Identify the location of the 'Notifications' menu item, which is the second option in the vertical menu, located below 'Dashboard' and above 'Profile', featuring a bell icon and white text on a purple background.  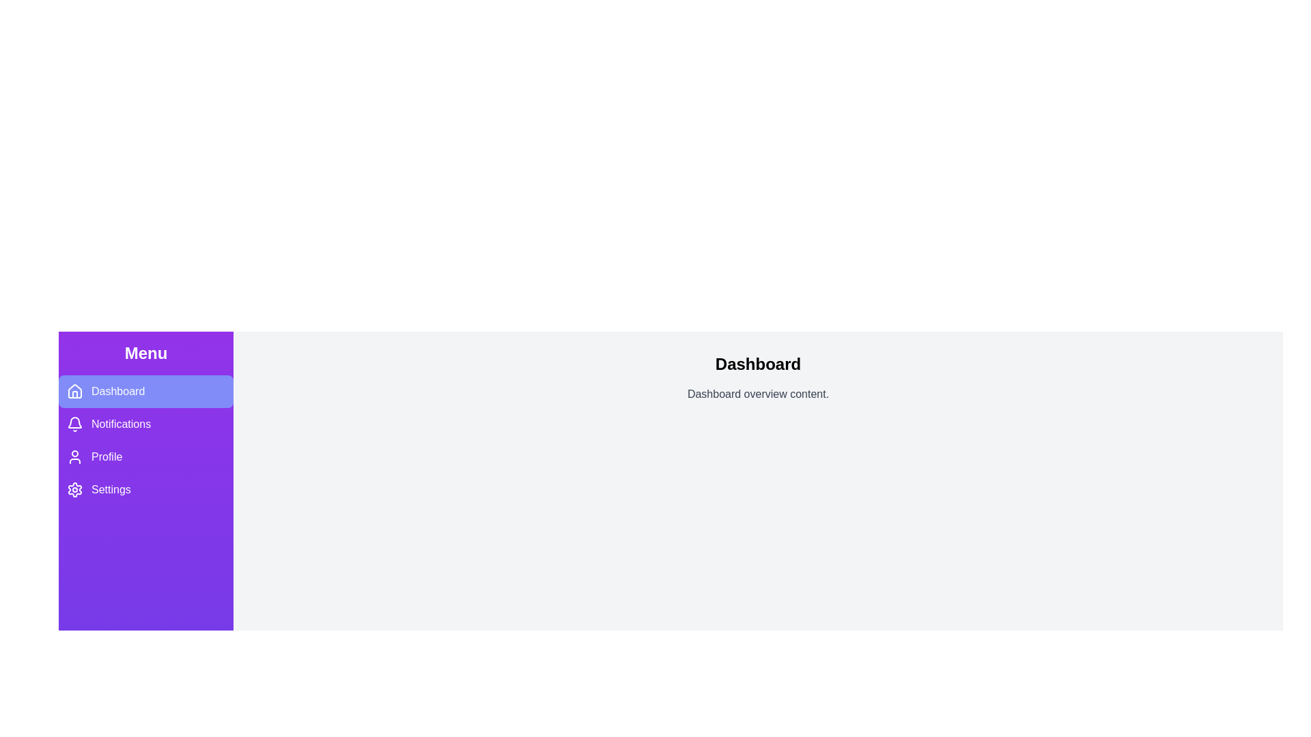
(146, 423).